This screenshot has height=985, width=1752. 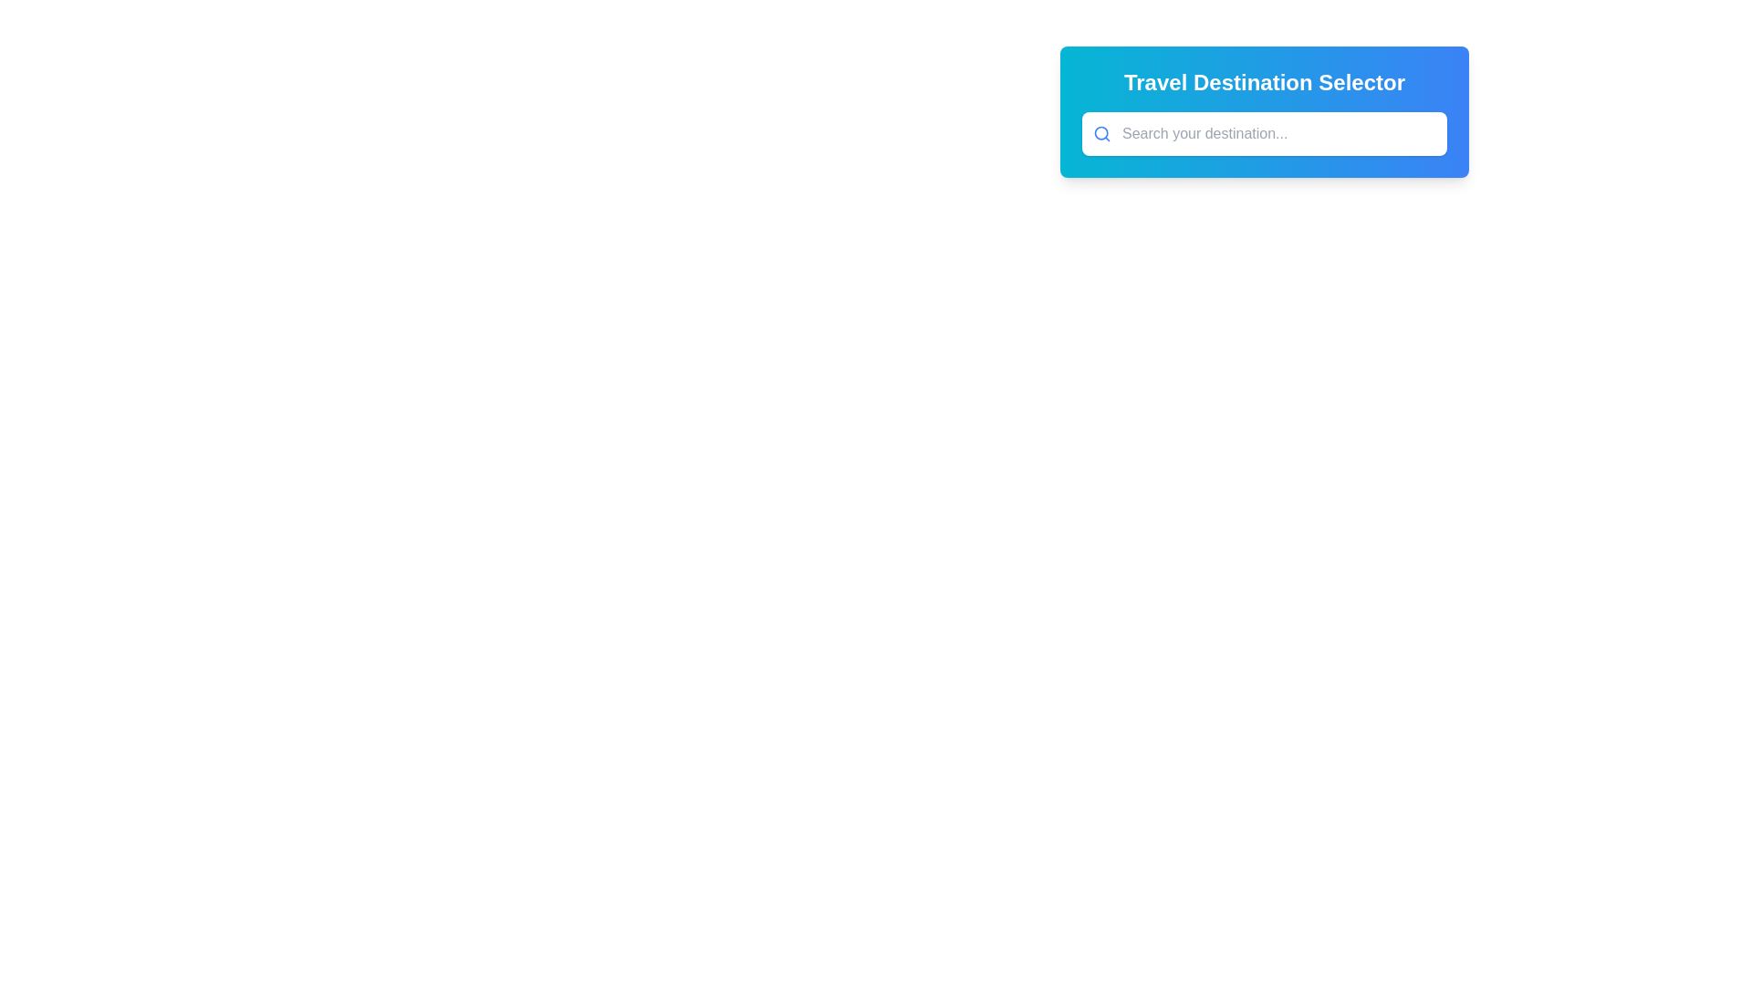 What do you see at coordinates (1100, 132) in the screenshot?
I see `the central focal point of the search icon, which is a circular graphic element located to the left of the text input box in the 'Travel Destination Selector' module` at bounding box center [1100, 132].